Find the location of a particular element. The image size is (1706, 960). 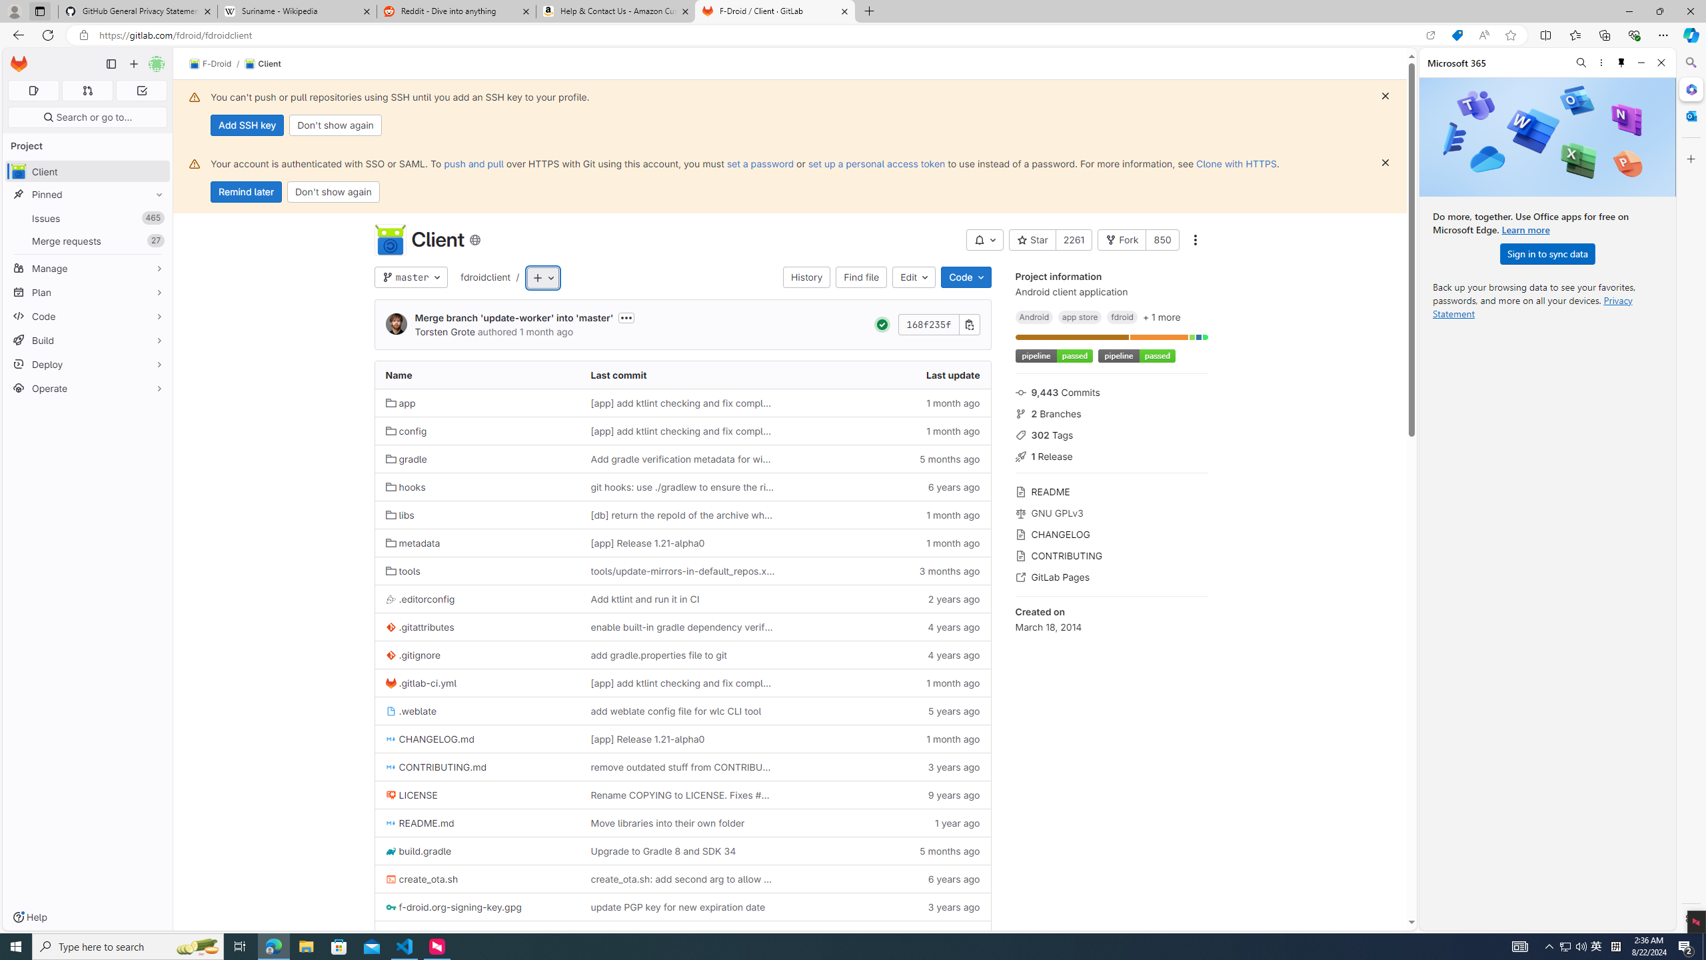

'Build' is located at coordinates (87, 339).